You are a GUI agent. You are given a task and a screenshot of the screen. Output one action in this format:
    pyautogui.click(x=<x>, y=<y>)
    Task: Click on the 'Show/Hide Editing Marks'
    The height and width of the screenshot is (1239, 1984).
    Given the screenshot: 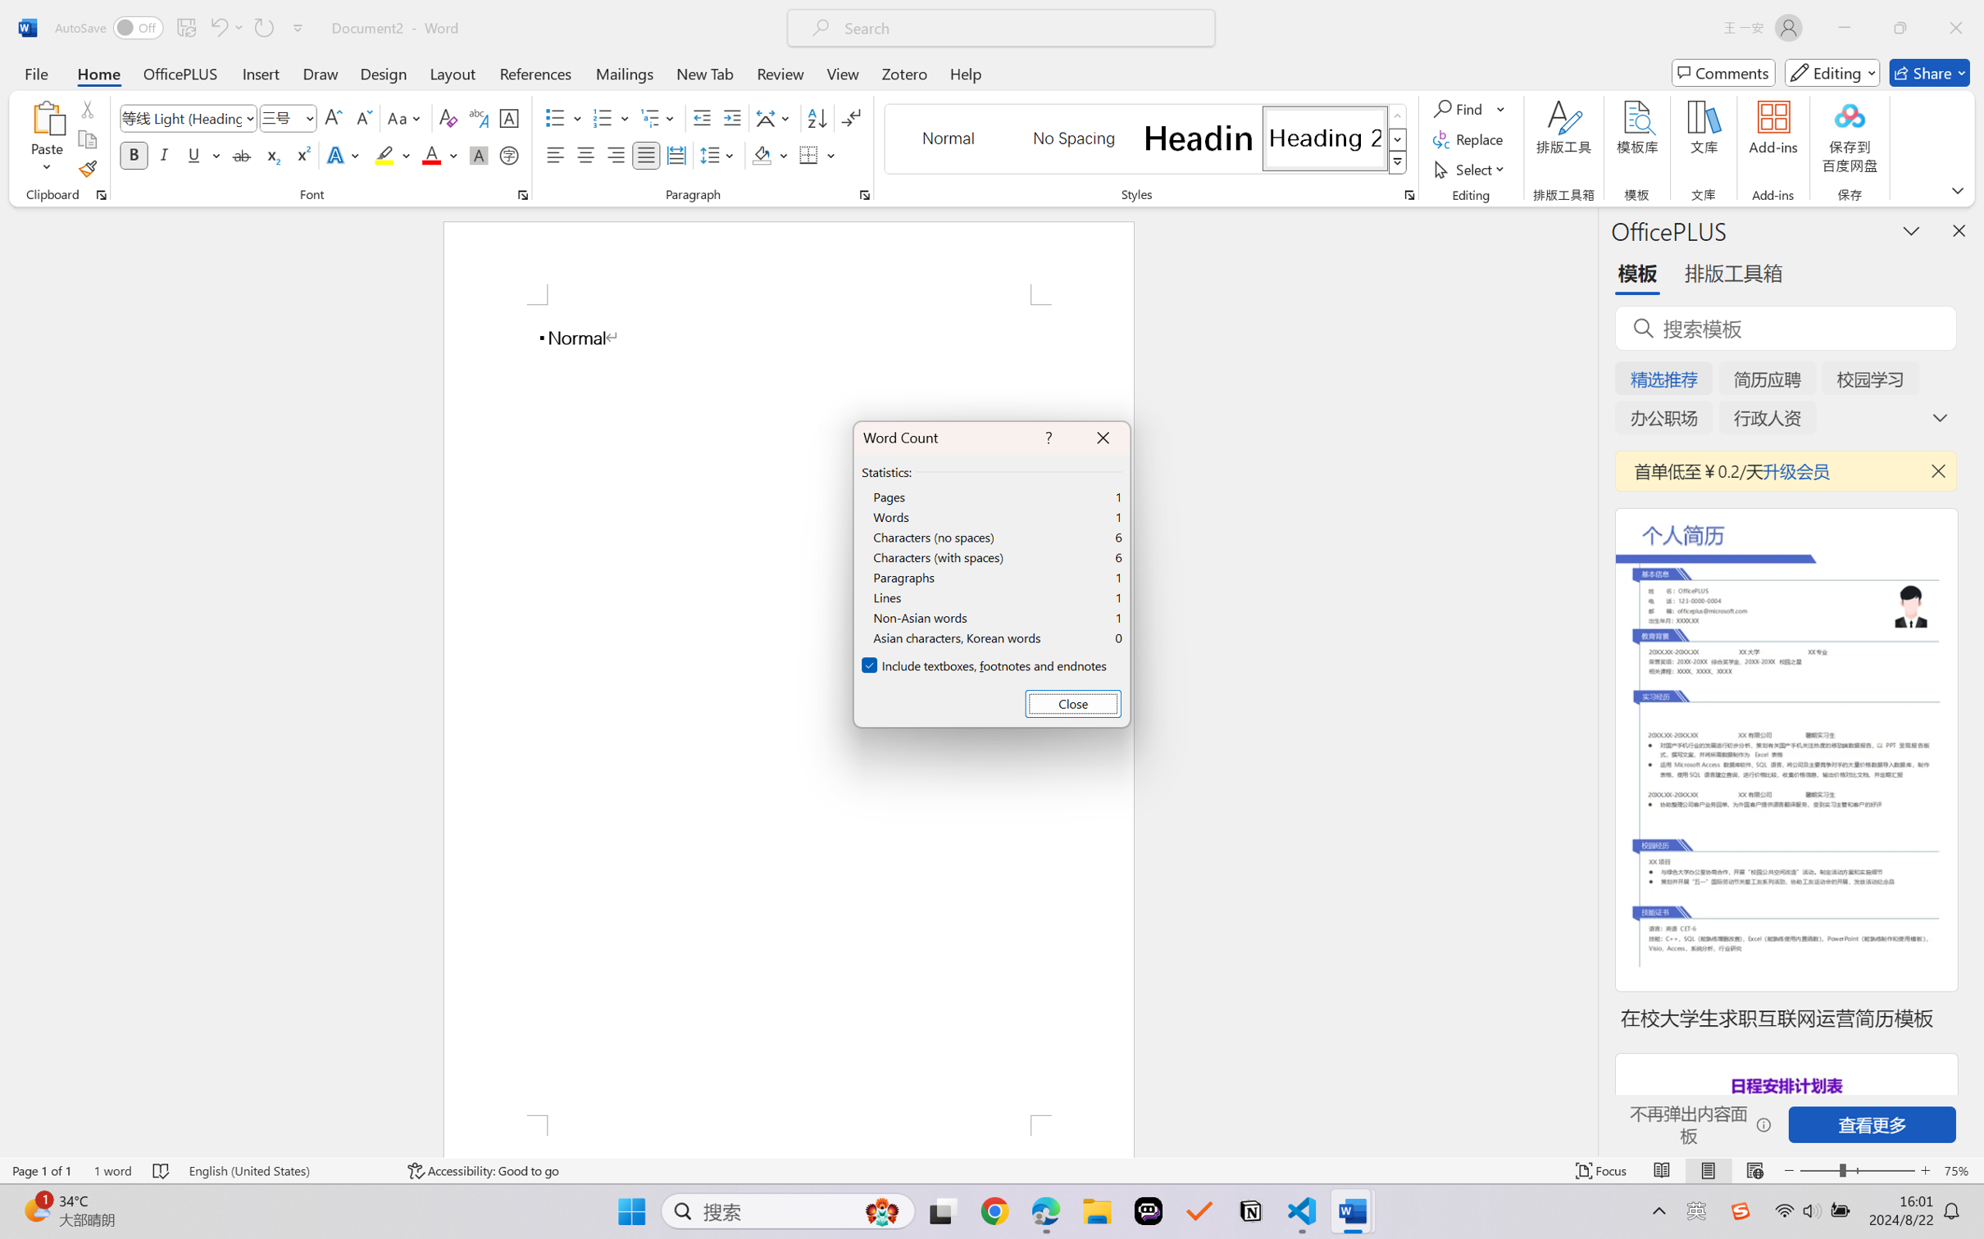 What is the action you would take?
    pyautogui.click(x=850, y=118)
    